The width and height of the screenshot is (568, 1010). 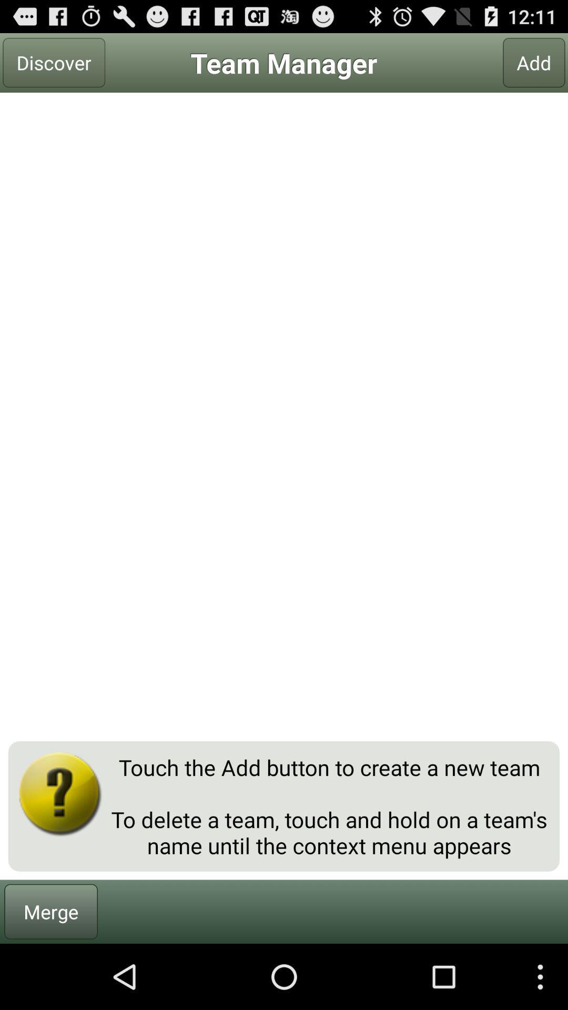 I want to click on the merge, so click(x=51, y=911).